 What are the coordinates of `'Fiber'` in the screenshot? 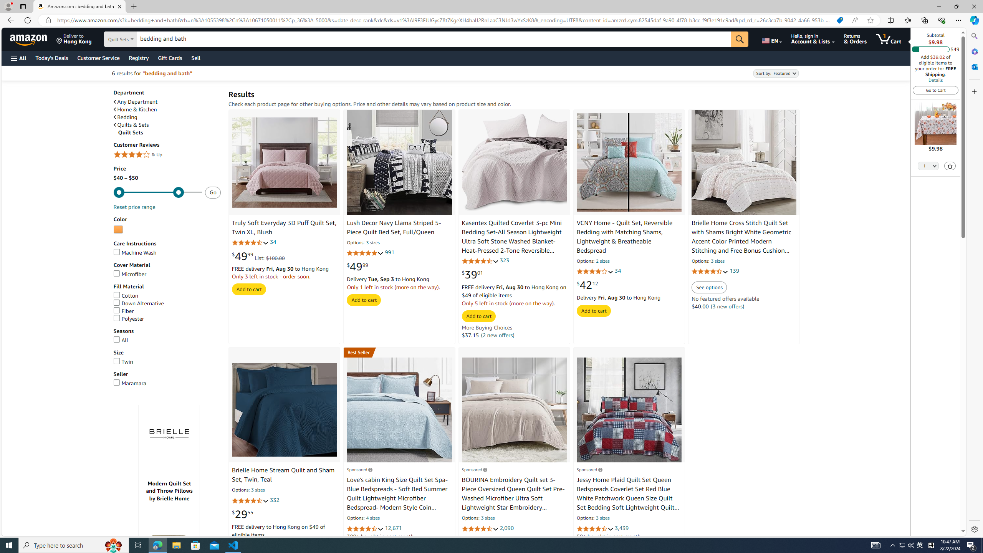 It's located at (167, 311).